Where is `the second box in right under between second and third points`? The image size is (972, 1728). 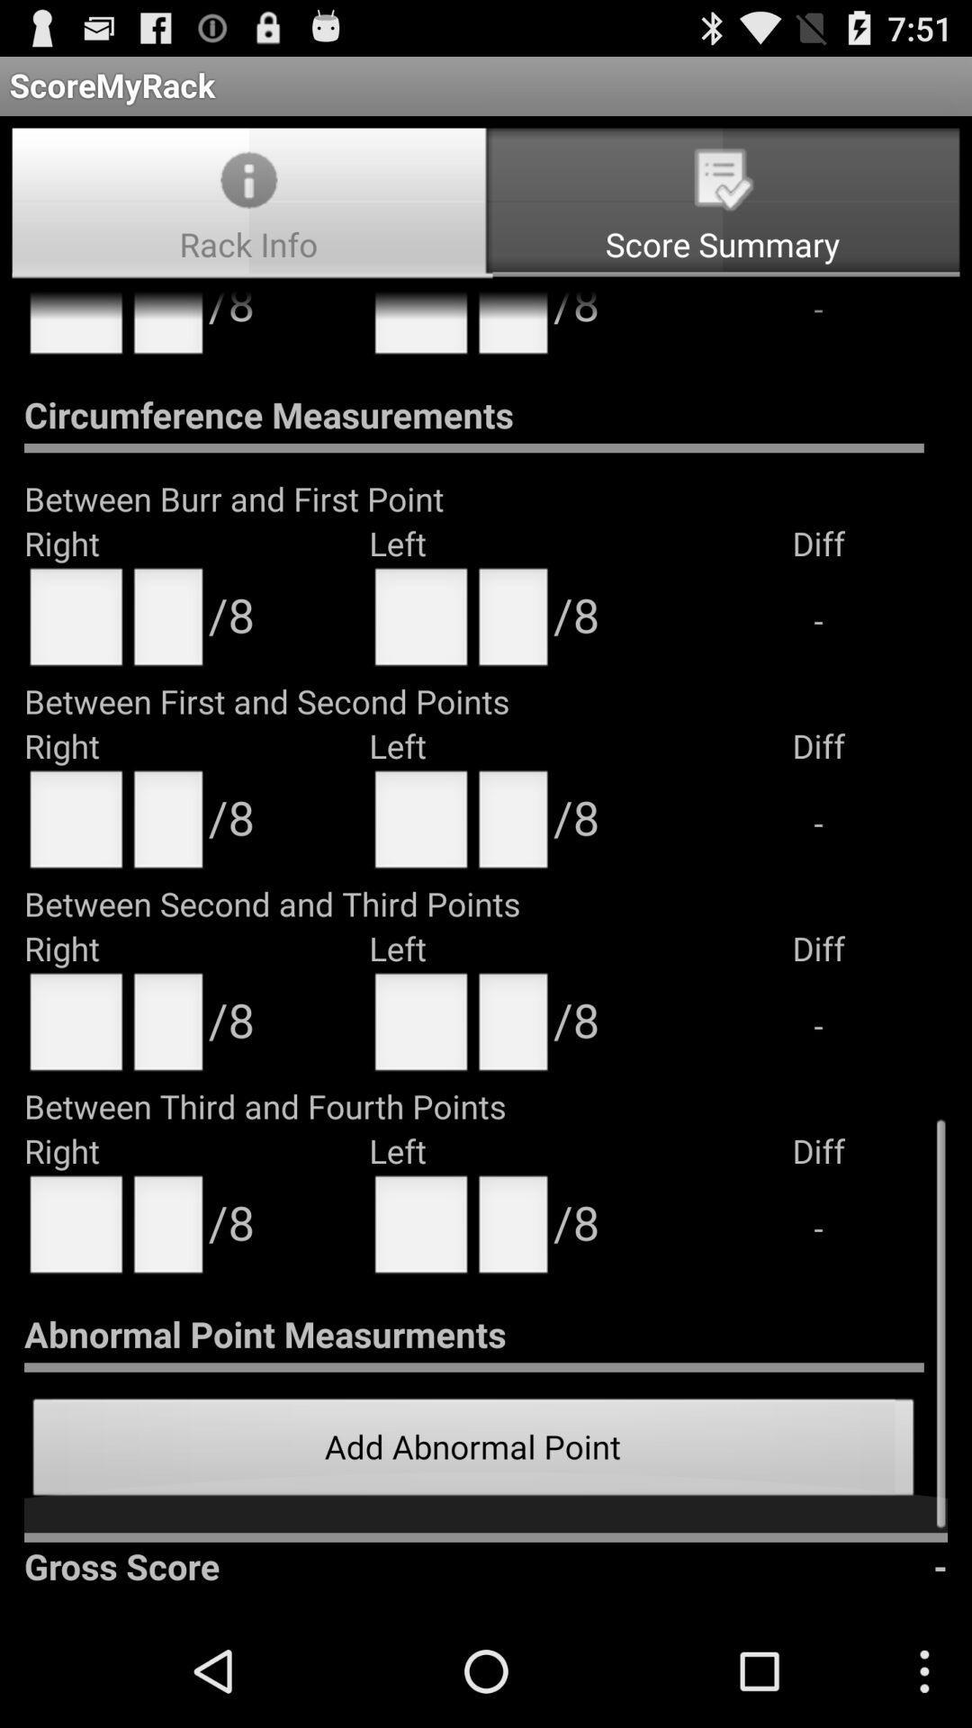
the second box in right under between second and third points is located at coordinates (168, 1028).